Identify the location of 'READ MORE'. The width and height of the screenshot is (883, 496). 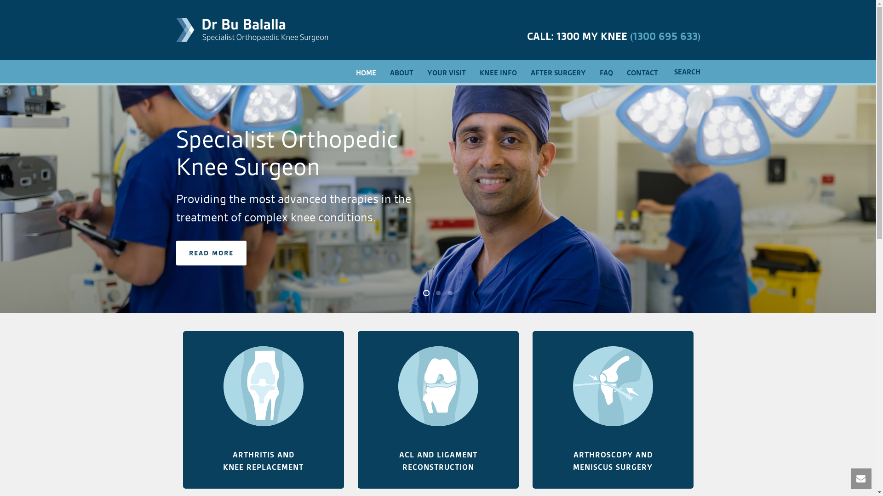
(210, 253).